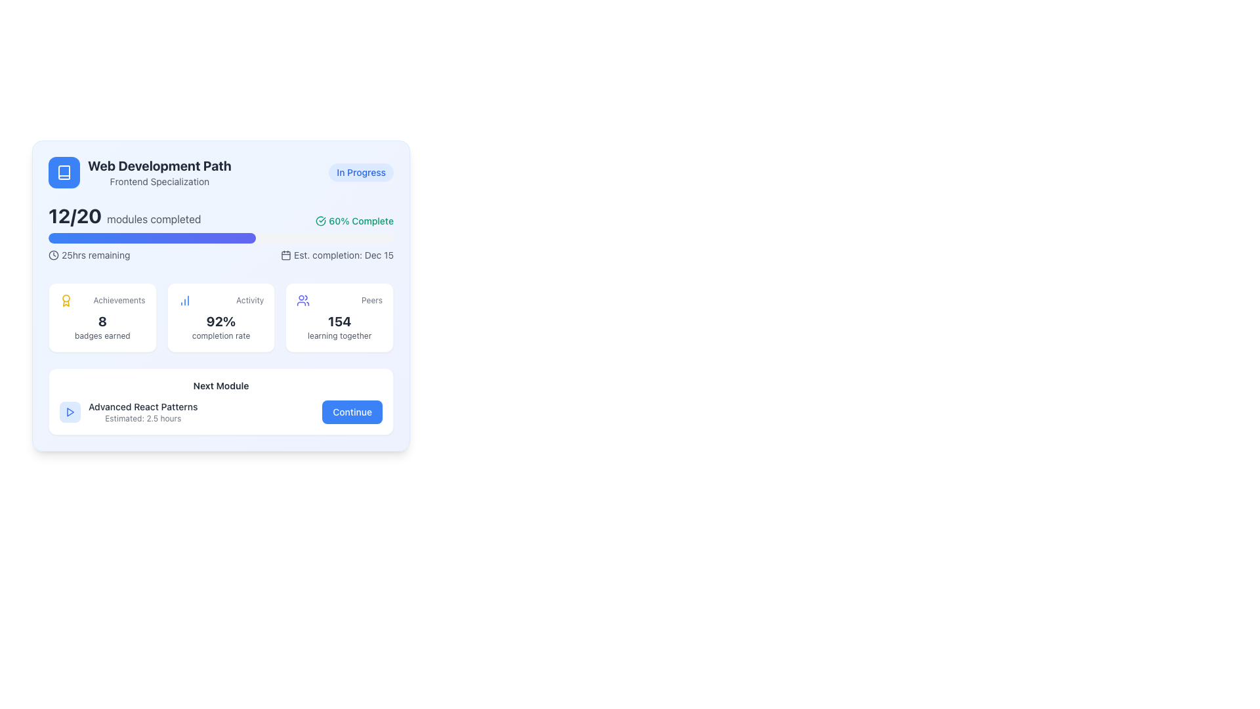 This screenshot has height=709, width=1260. I want to click on the play button located within the blue-shaded, rounded rectangular area, adjacent to the title 'Advanced React Patterns', so click(69, 412).